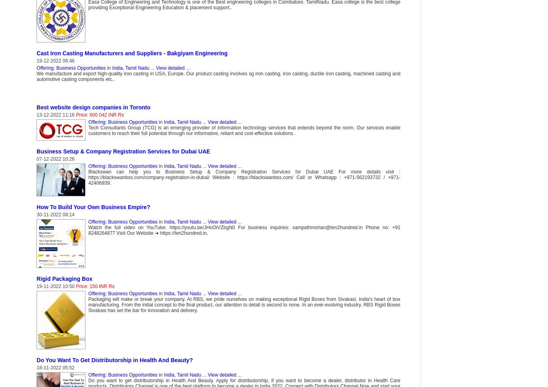  Describe the element at coordinates (93, 207) in the screenshot. I see `'How To Build Your Own Business Empire?'` at that location.